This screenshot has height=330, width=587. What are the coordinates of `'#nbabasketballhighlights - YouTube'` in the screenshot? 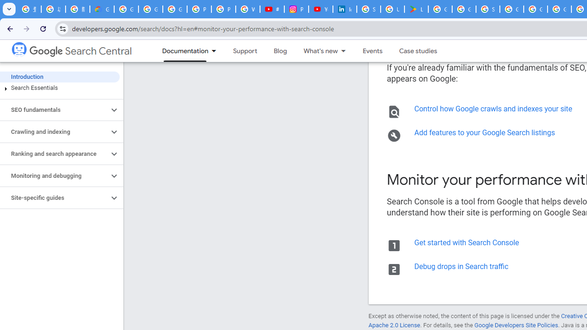 It's located at (271, 9).